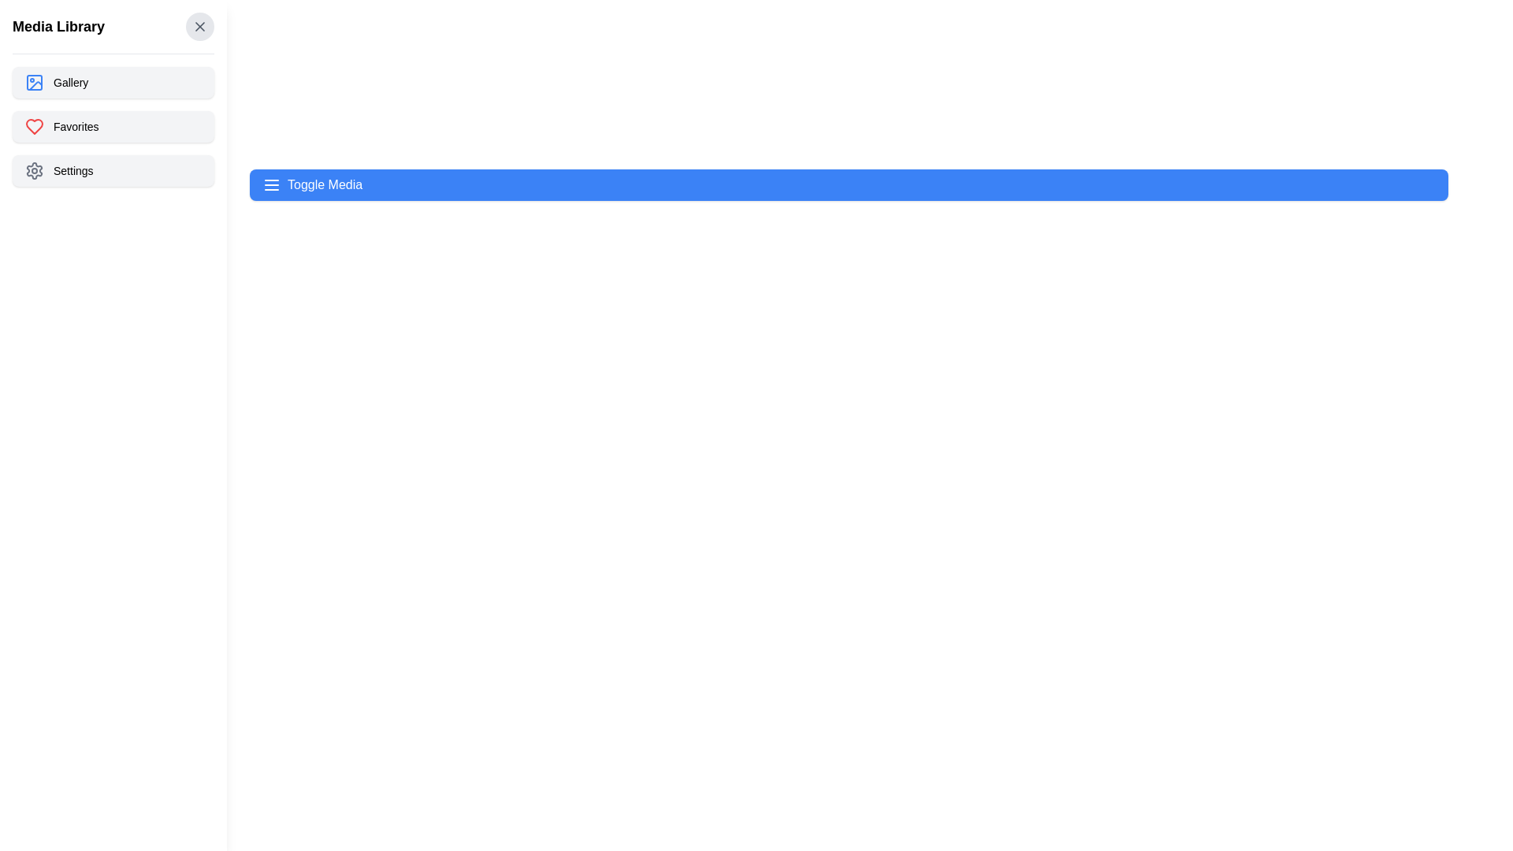 This screenshot has width=1513, height=851. I want to click on the 'Toggle Media' button to toggle the visibility of the media drawer, so click(848, 184).